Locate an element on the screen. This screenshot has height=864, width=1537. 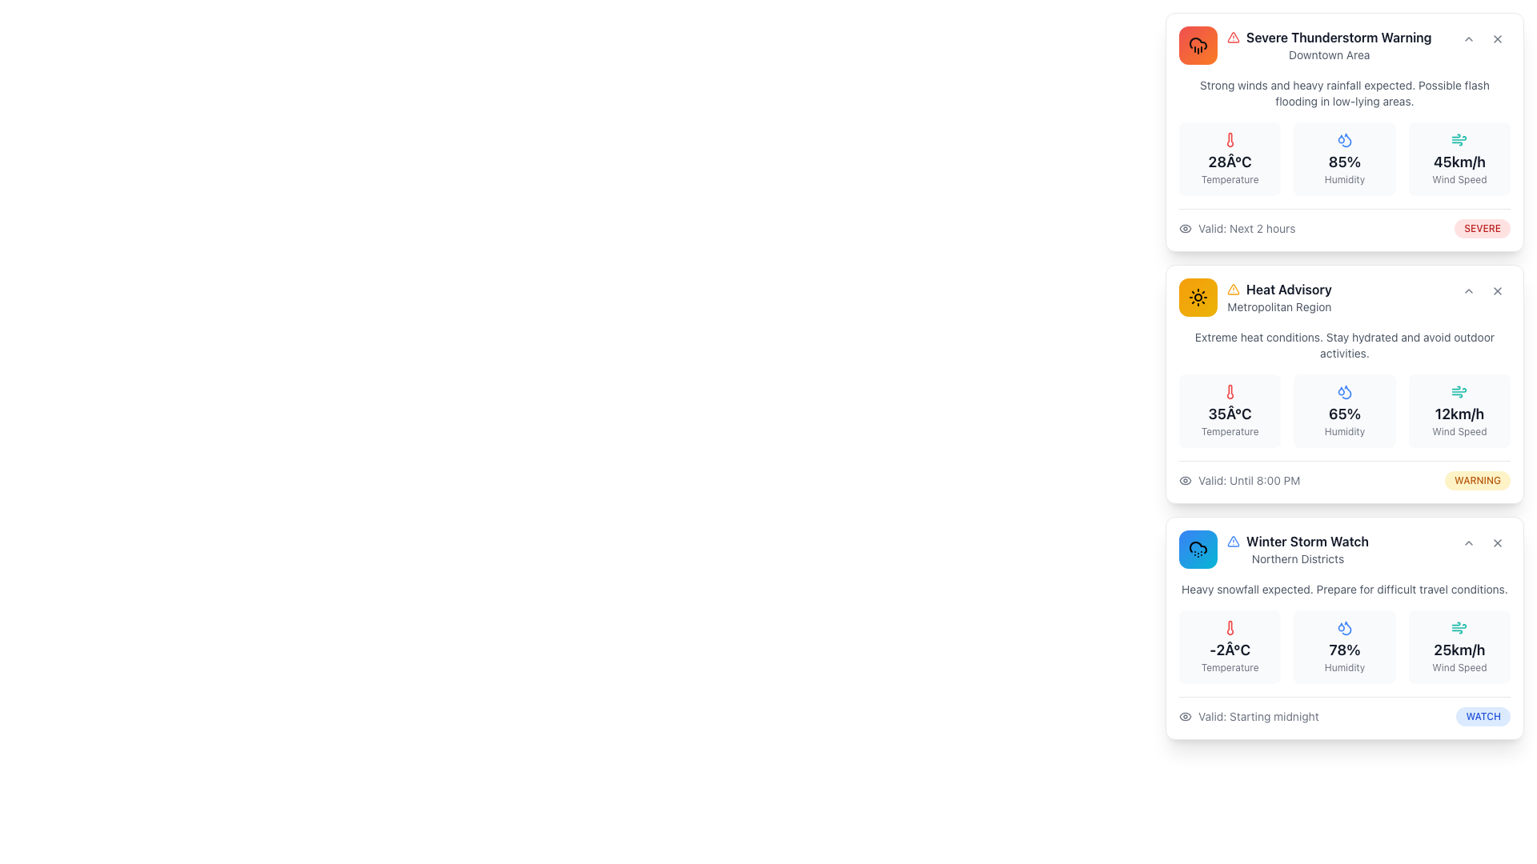
the decorative wind speed icon located in the 'Wind Speed' section of the 'Severe Thunderstorm Warning' card, which is positioned above the text '45km/h' is located at coordinates (1459, 138).